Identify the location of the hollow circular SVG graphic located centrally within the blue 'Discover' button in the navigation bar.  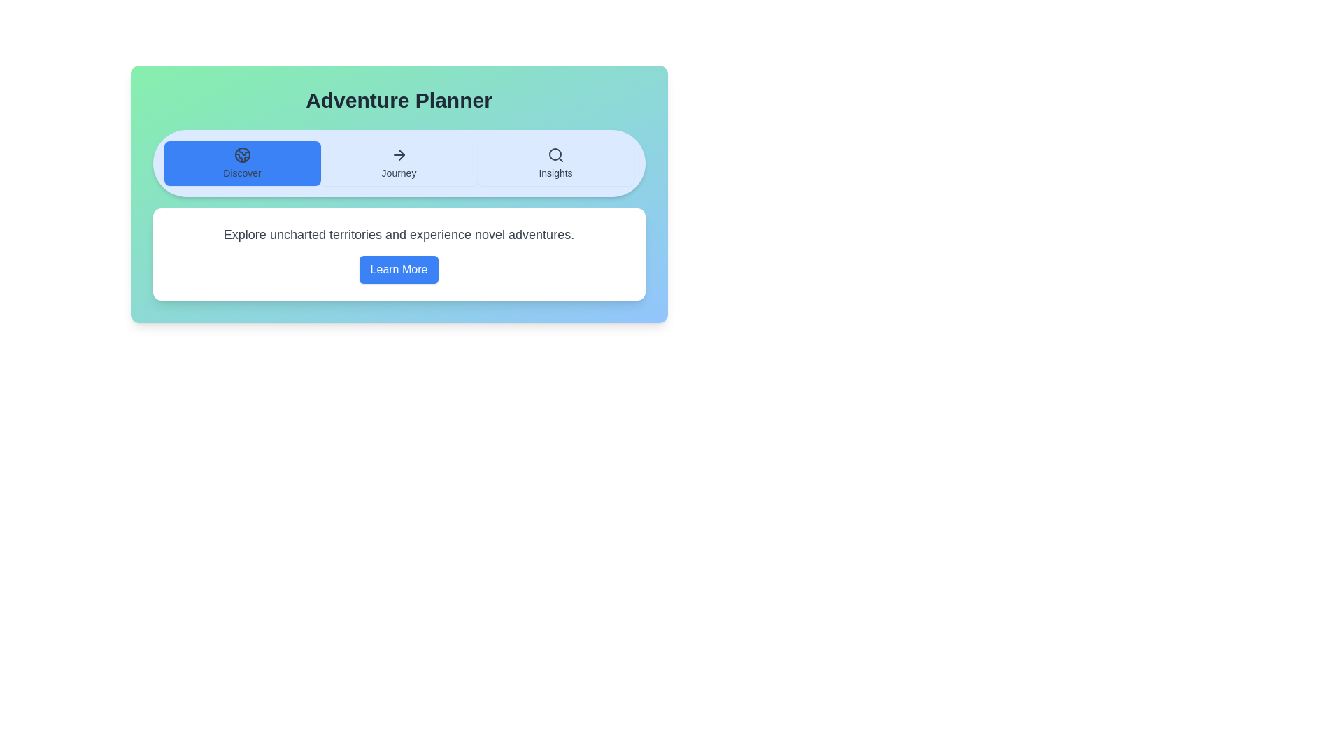
(242, 155).